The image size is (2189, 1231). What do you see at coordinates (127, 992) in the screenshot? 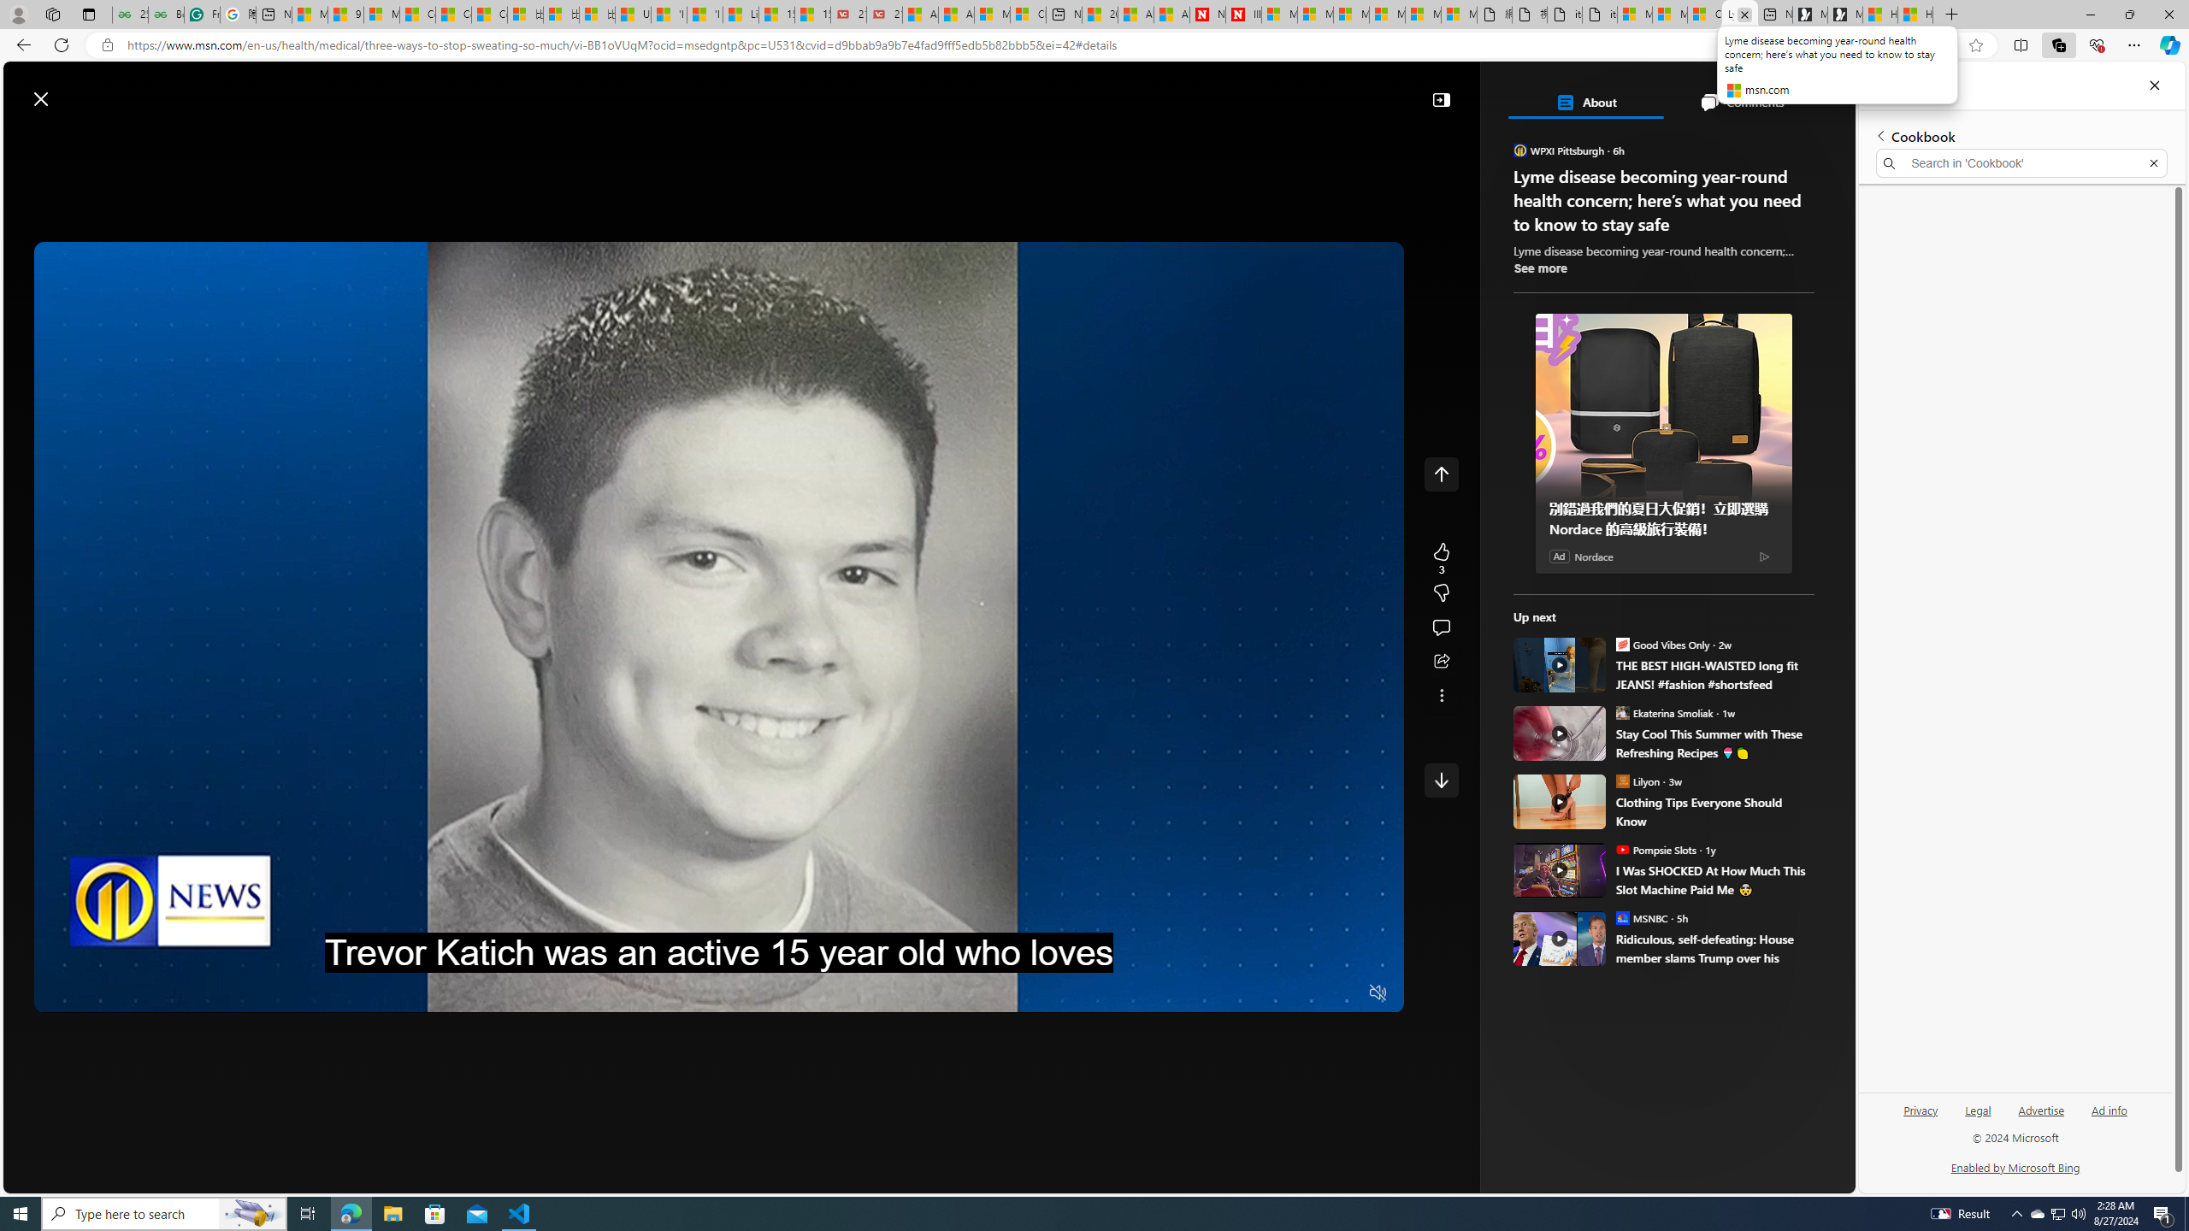
I see `'Seek Forward'` at bounding box center [127, 992].